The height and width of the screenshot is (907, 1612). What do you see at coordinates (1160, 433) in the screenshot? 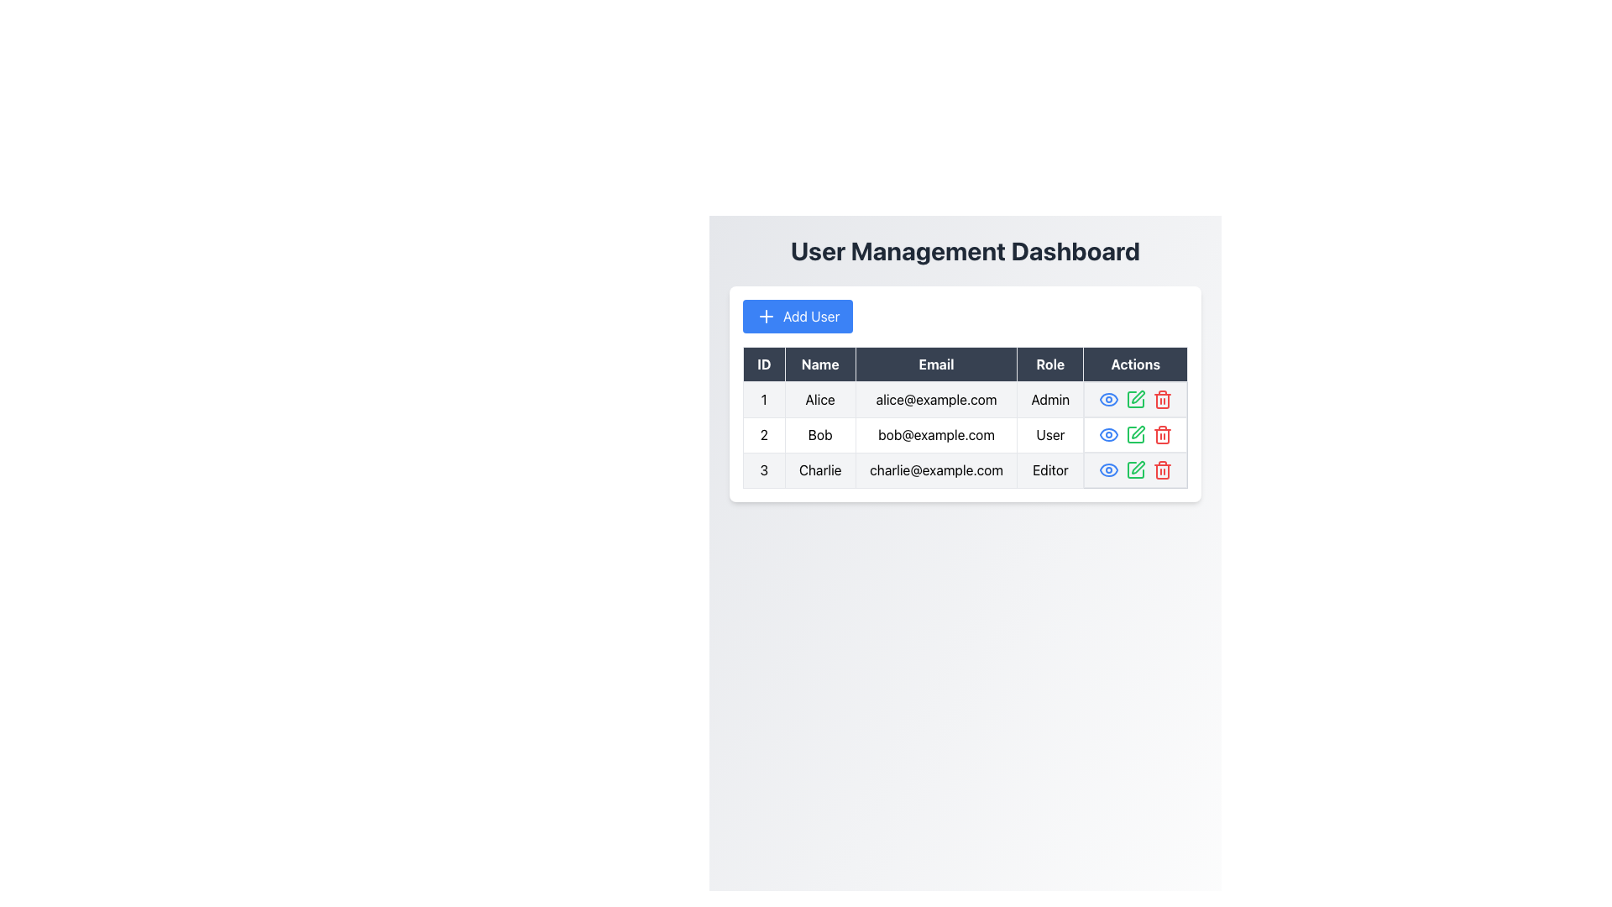
I see `on the delete button in the 'Actions' column of the table, specifically in the second row corresponding` at bounding box center [1160, 433].